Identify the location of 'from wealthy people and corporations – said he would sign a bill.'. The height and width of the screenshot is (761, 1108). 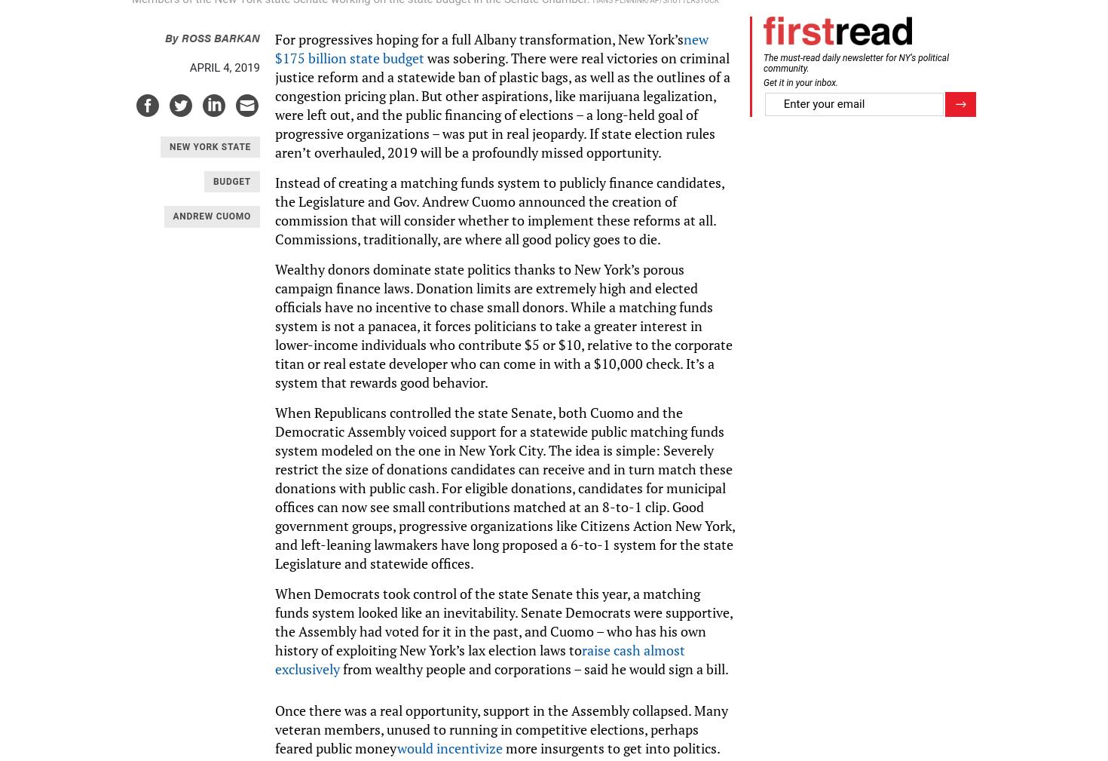
(534, 668).